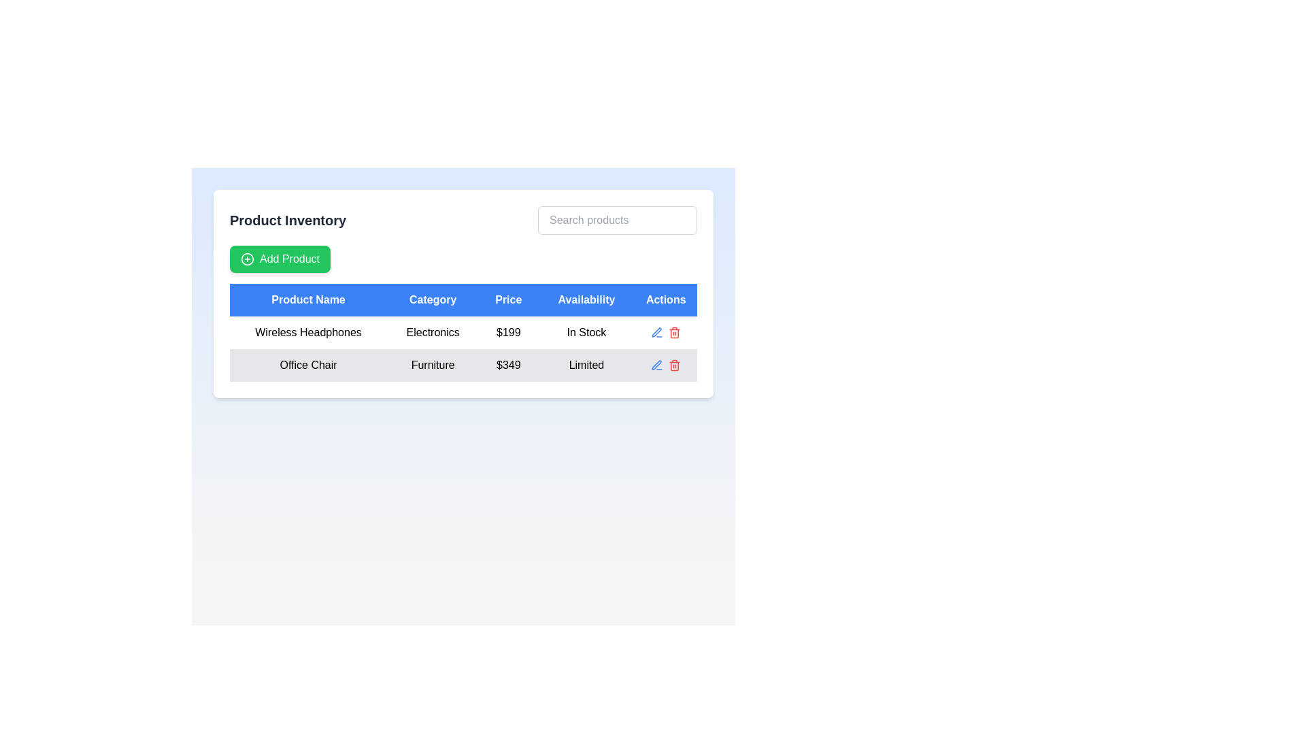 The width and height of the screenshot is (1306, 735). I want to click on the static text label displaying 'Wireless Headphones', which is located in the first column of the second row in a product information table, so click(307, 333).